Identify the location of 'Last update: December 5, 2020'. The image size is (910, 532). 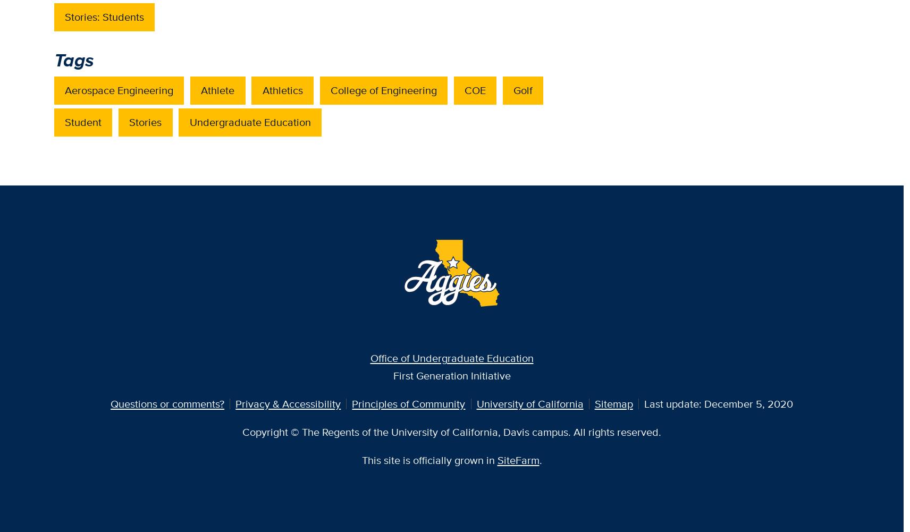
(717, 403).